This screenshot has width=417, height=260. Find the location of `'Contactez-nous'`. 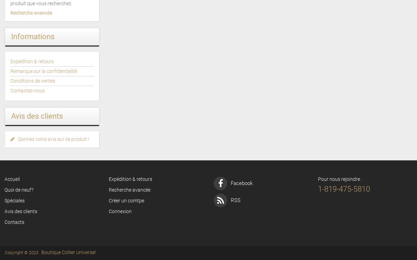

'Contactez-nous' is located at coordinates (27, 91).